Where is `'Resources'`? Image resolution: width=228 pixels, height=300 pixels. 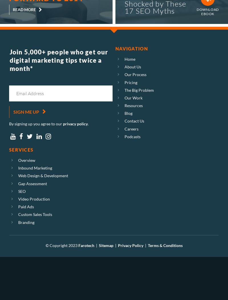 'Resources' is located at coordinates (133, 105).